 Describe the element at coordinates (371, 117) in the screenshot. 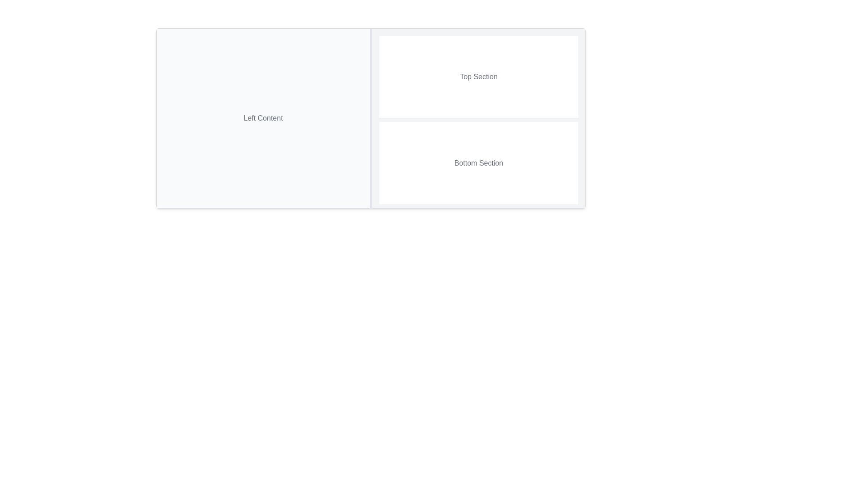

I see `the vertical divider located at the center of the layout (x: 824.5, y: 263)` at that location.